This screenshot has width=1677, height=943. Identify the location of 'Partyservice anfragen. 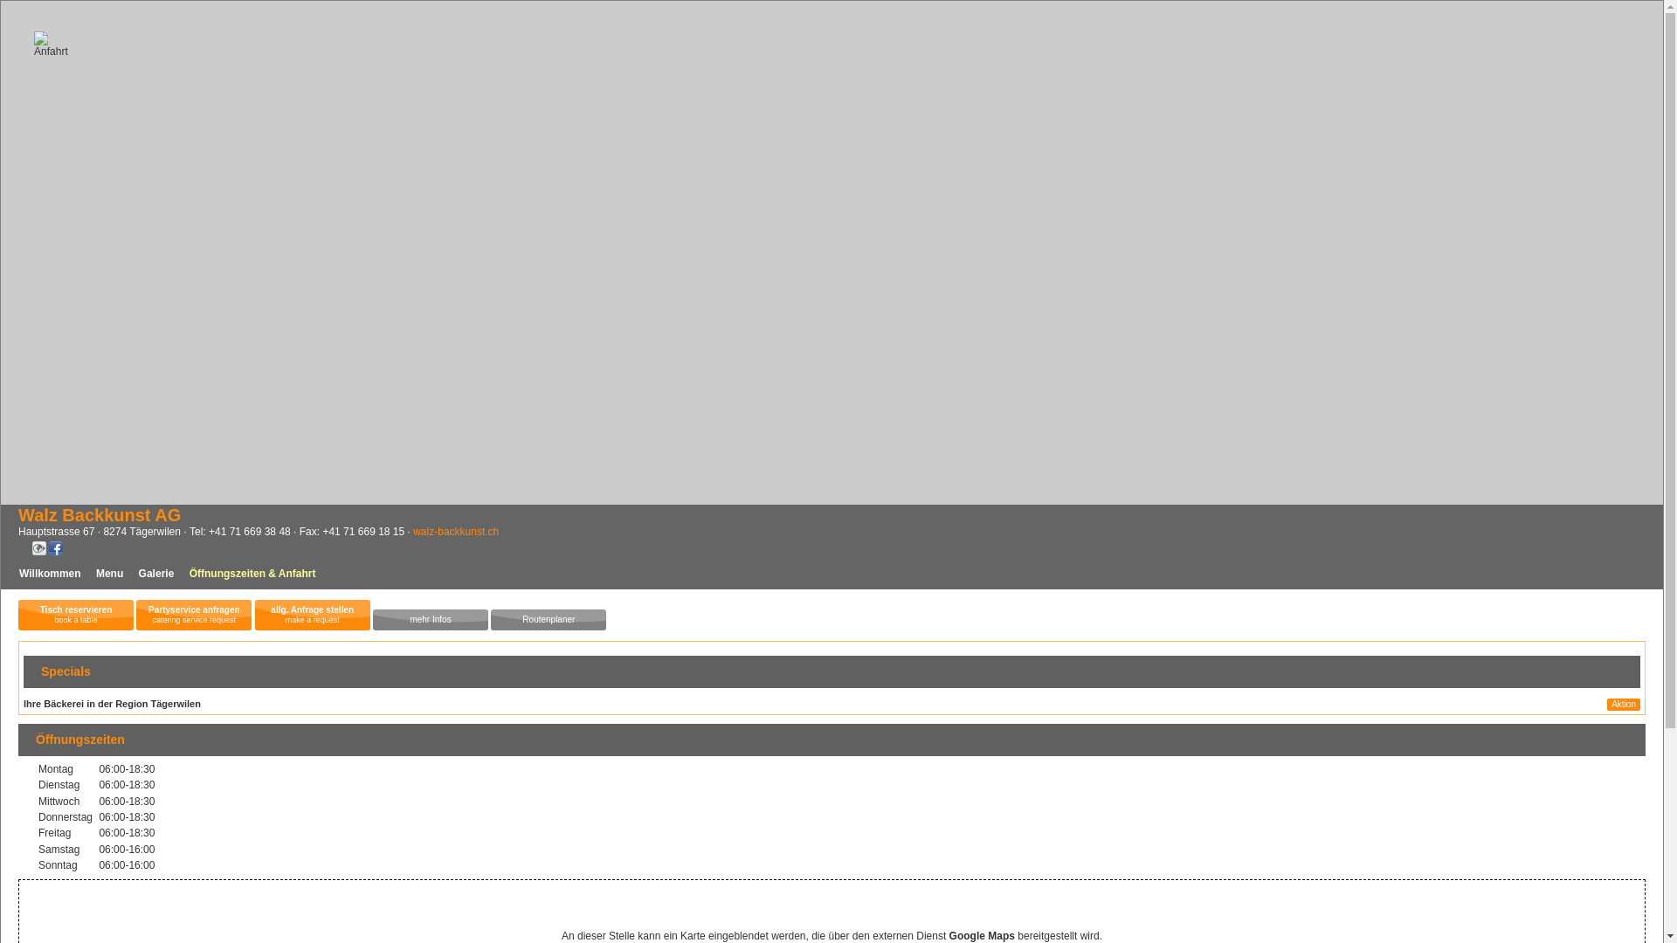
(193, 614).